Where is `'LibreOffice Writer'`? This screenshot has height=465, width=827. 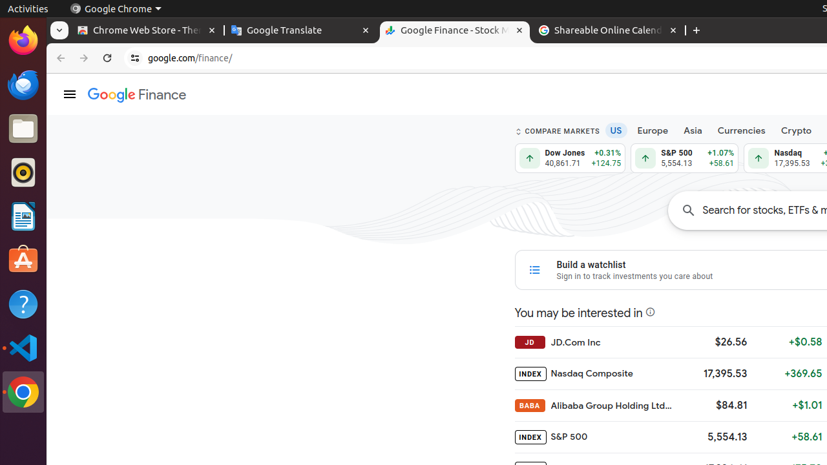 'LibreOffice Writer' is located at coordinates (23, 216).